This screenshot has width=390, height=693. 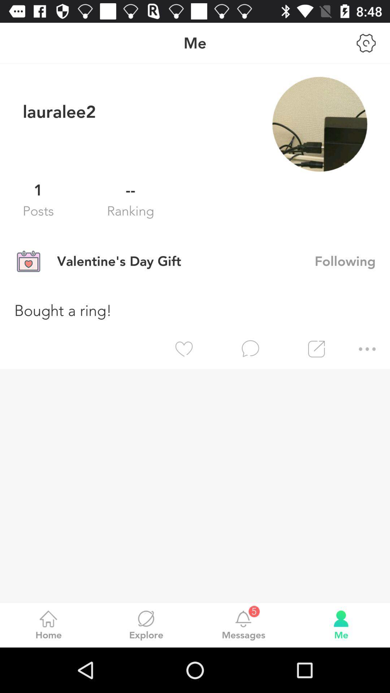 What do you see at coordinates (319, 124) in the screenshot?
I see `item next to lauralee2 item` at bounding box center [319, 124].